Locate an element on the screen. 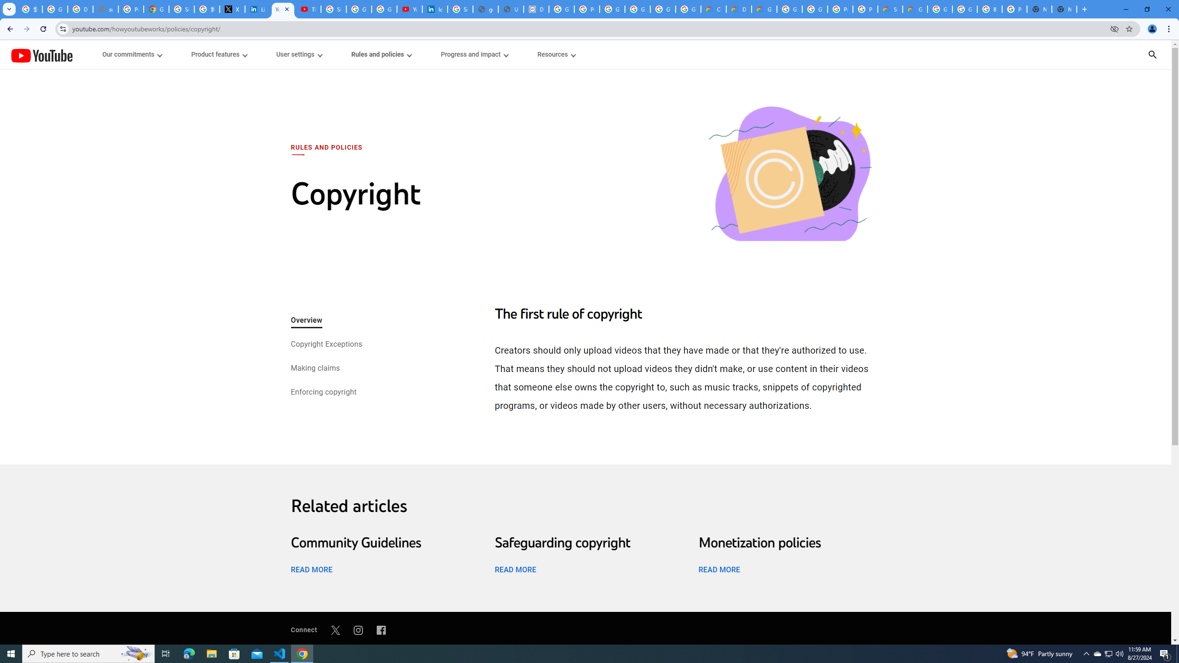 Image resolution: width=1179 pixels, height=663 pixels. 'New Tab' is located at coordinates (1064, 9).